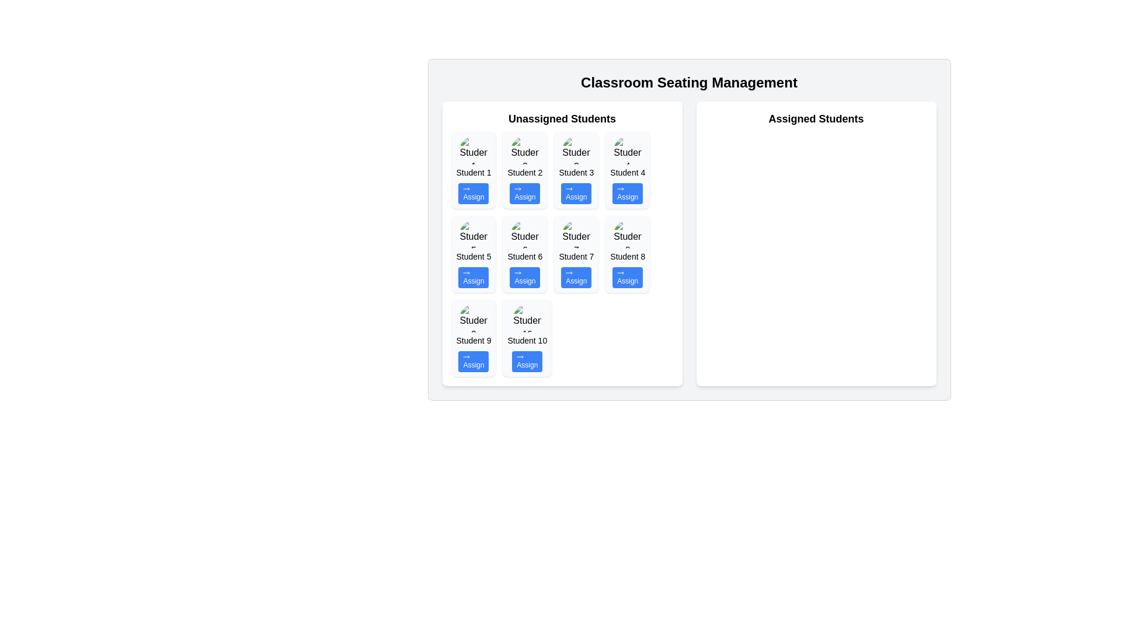 This screenshot has height=630, width=1121. Describe the element at coordinates (524, 253) in the screenshot. I see `the 'Assign' button located at the bottom of the Composite card for 'Student 6', which is the second card in the second row of the 'Unassigned Students' section` at that location.